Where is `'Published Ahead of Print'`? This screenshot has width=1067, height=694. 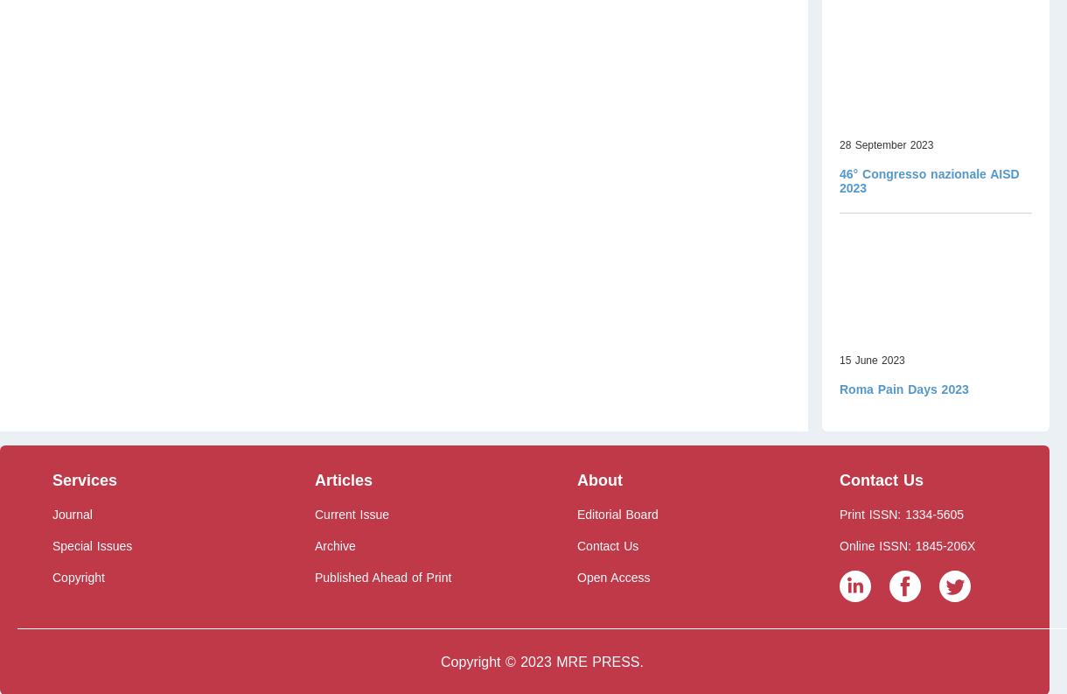 'Published Ahead of Print' is located at coordinates (382, 577).